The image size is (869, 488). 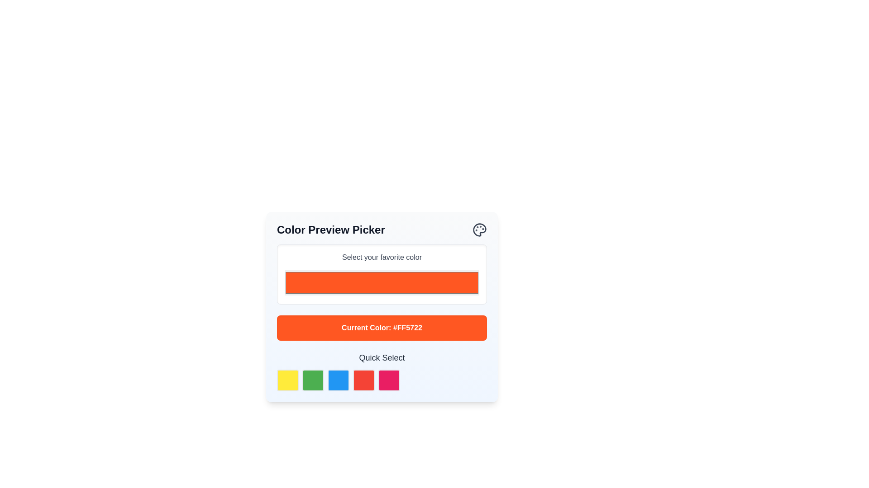 What do you see at coordinates (382, 380) in the screenshot?
I see `the pink color selection button located` at bounding box center [382, 380].